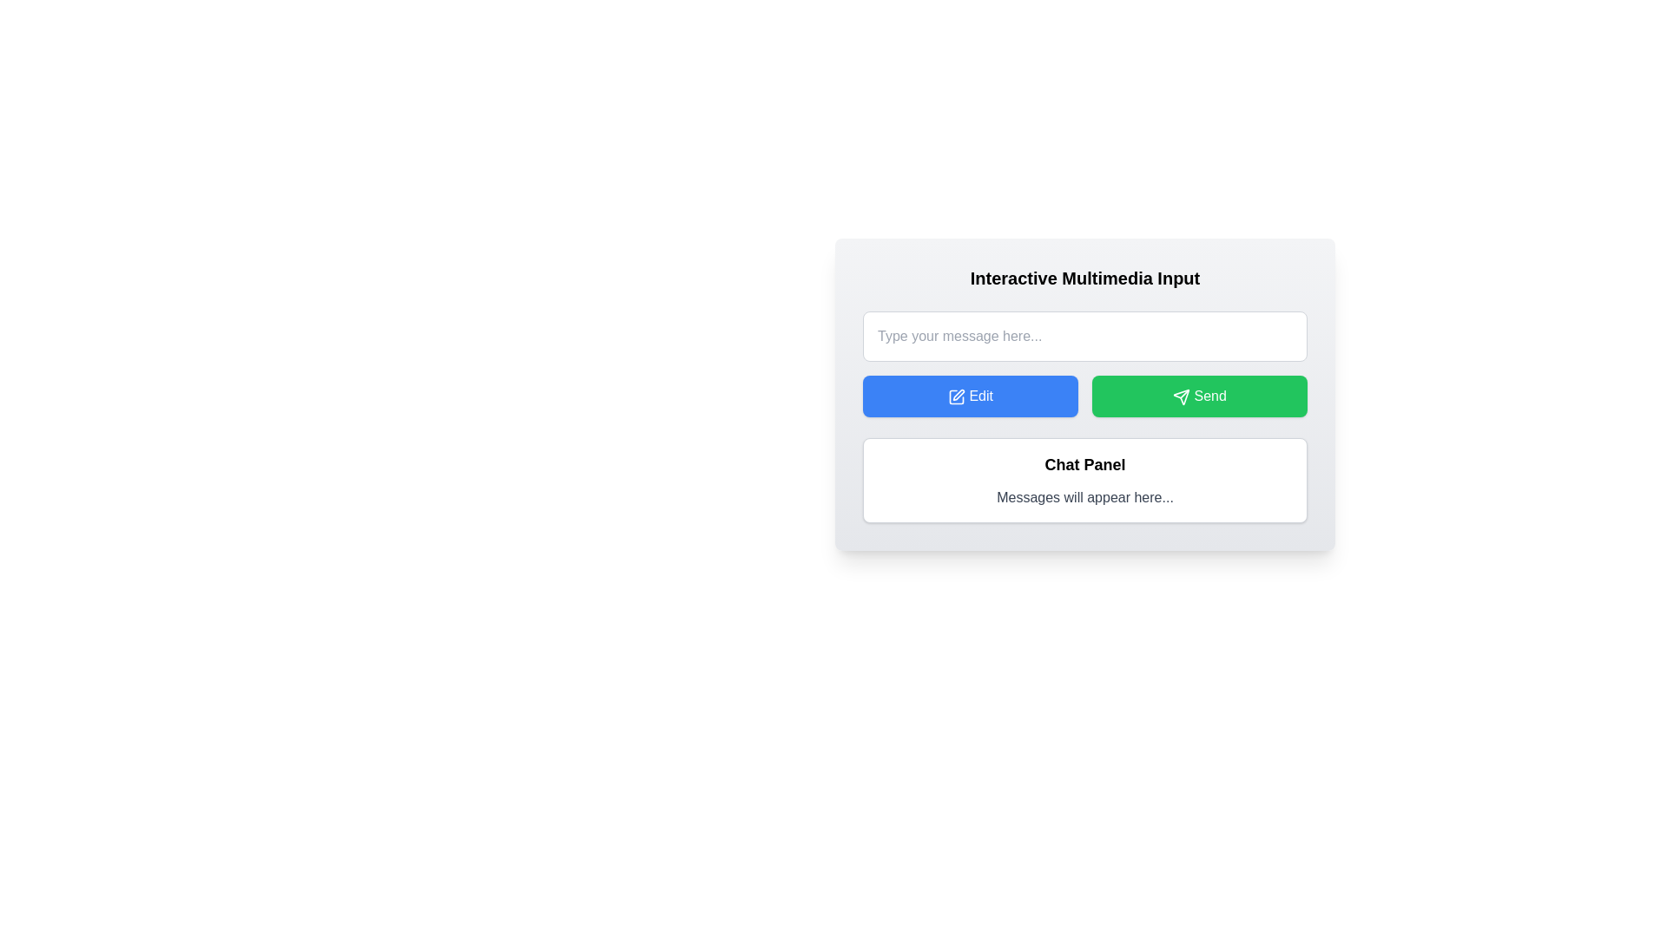 The height and width of the screenshot is (937, 1667). What do you see at coordinates (1181, 396) in the screenshot?
I see `the send icon within the green 'Send' button located in the lower right portion of the form` at bounding box center [1181, 396].